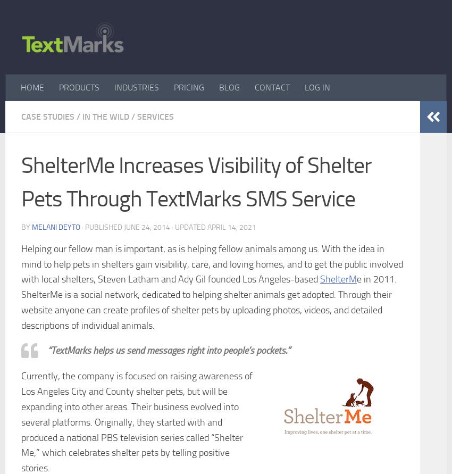 The width and height of the screenshot is (452, 474). Describe the element at coordinates (82, 227) in the screenshot. I see `'·
                            
                                Published'` at that location.